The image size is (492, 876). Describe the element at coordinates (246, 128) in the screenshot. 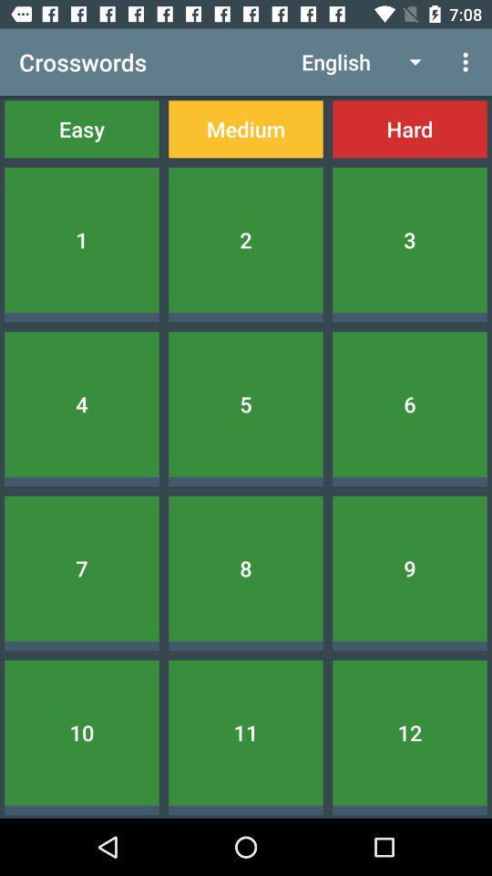

I see `the icon next to easy icon` at that location.